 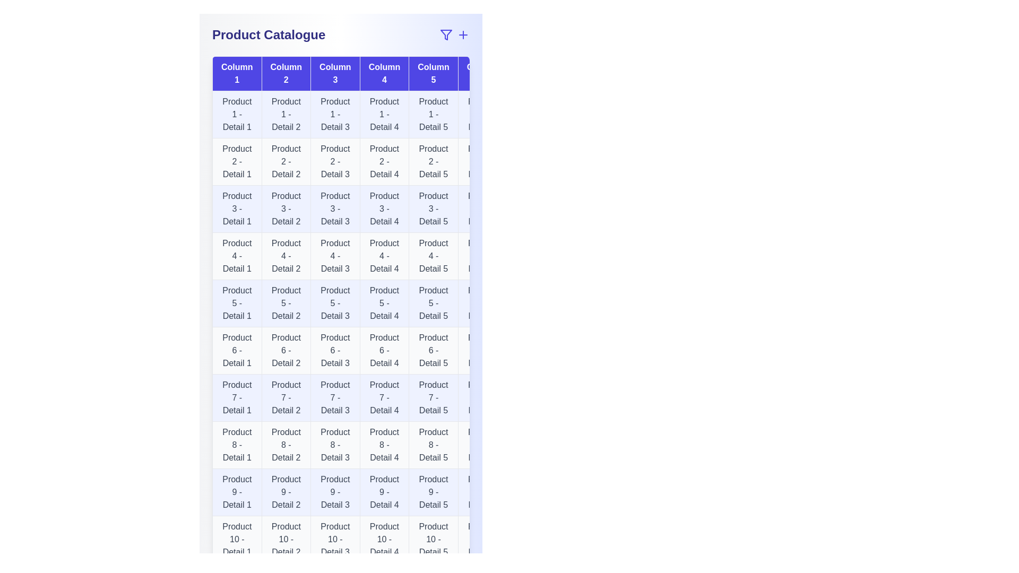 I want to click on the header of column Column 6 to sort the table by that column, so click(x=482, y=73).